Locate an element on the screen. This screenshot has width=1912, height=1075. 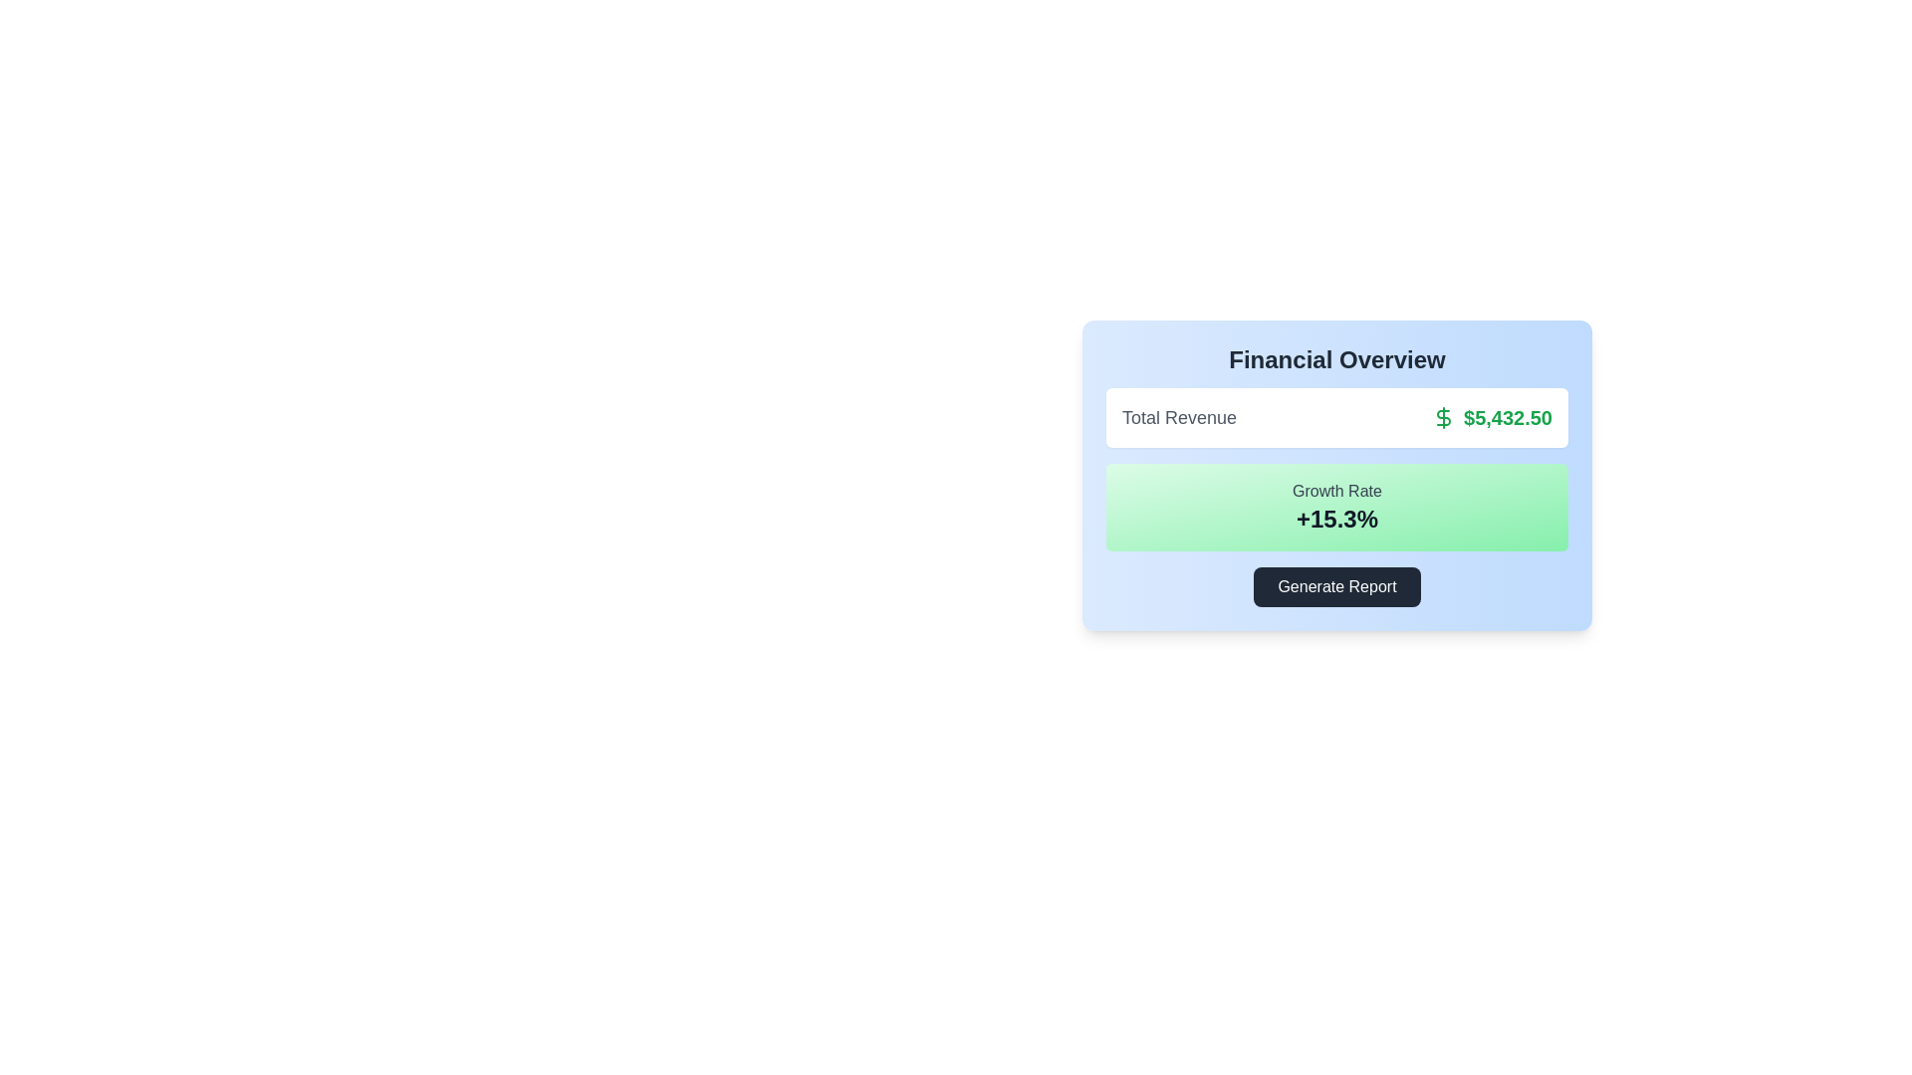
the total revenue text display element, which is positioned to the right of the dollar-symbol icon and aligned with the 'Total Revenue' label is located at coordinates (1492, 417).